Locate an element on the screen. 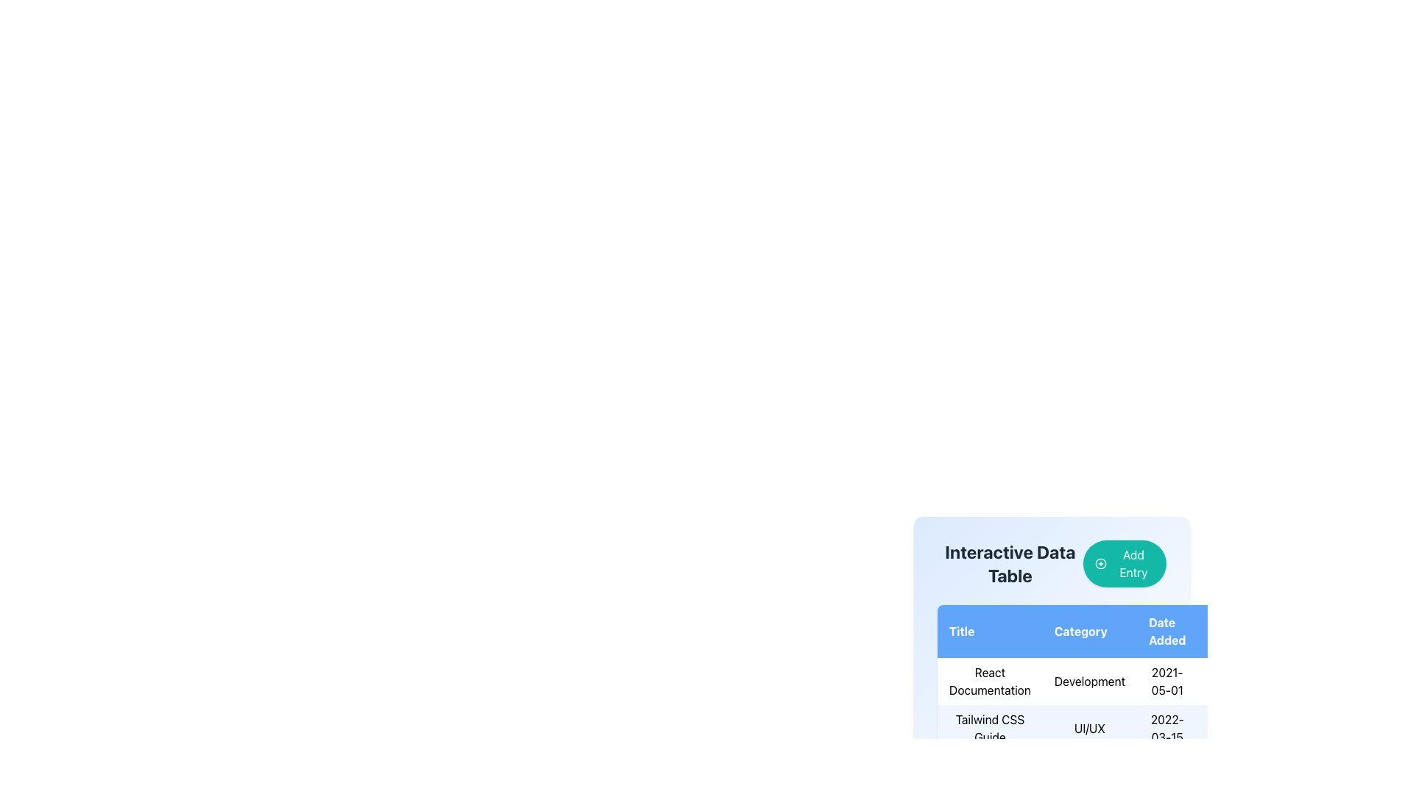 This screenshot has width=1413, height=794. the 'Add Entry' button icon located at the top-right section of the interactive data table interface is located at coordinates (1100, 563).